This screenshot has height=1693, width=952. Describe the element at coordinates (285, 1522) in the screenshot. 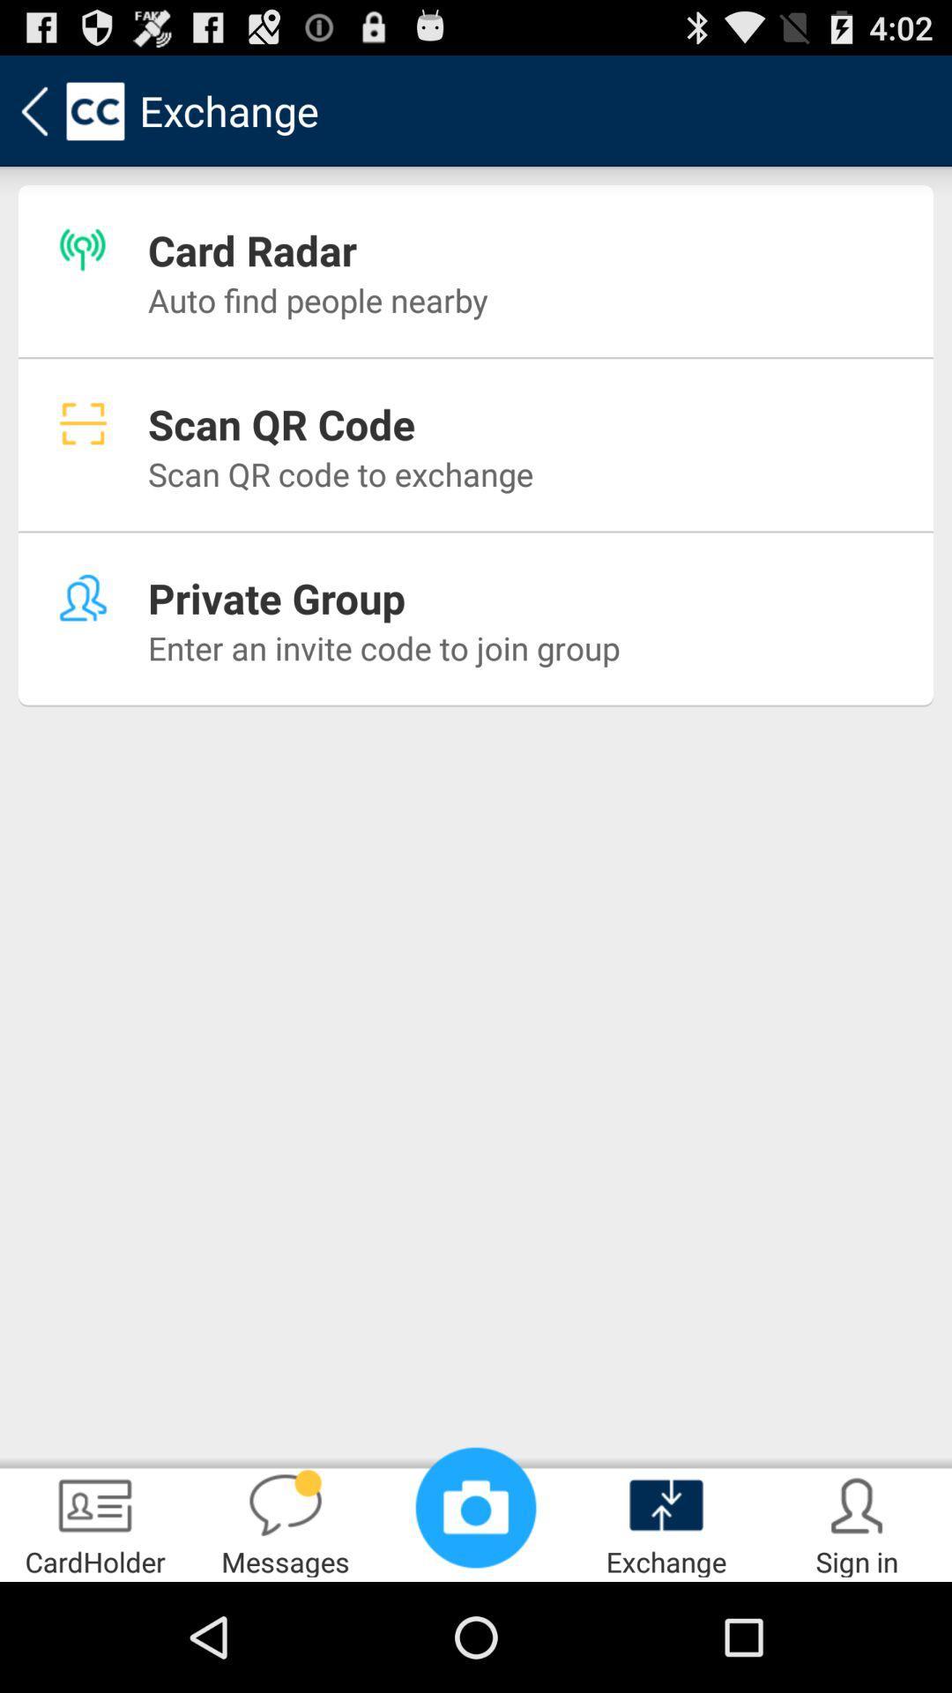

I see `app next to the cardholder app` at that location.